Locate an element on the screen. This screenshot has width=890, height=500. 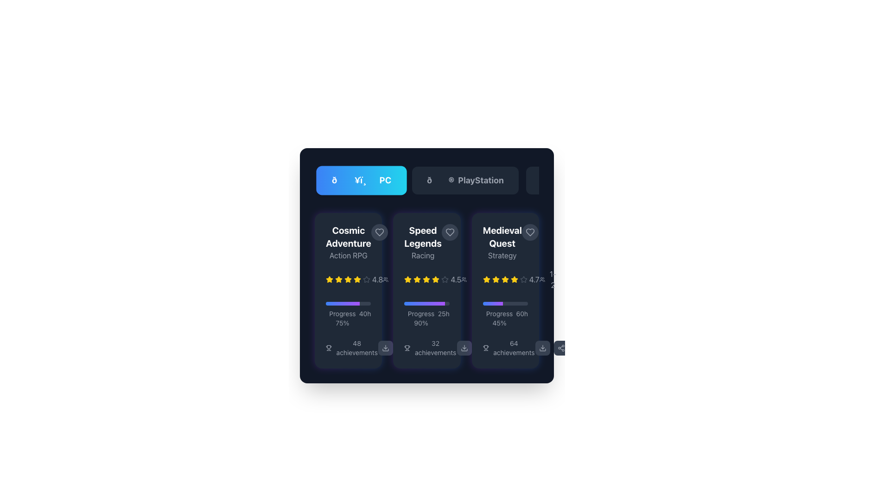
the share button located at the bottom right corner of the interface is located at coordinates (560, 348).